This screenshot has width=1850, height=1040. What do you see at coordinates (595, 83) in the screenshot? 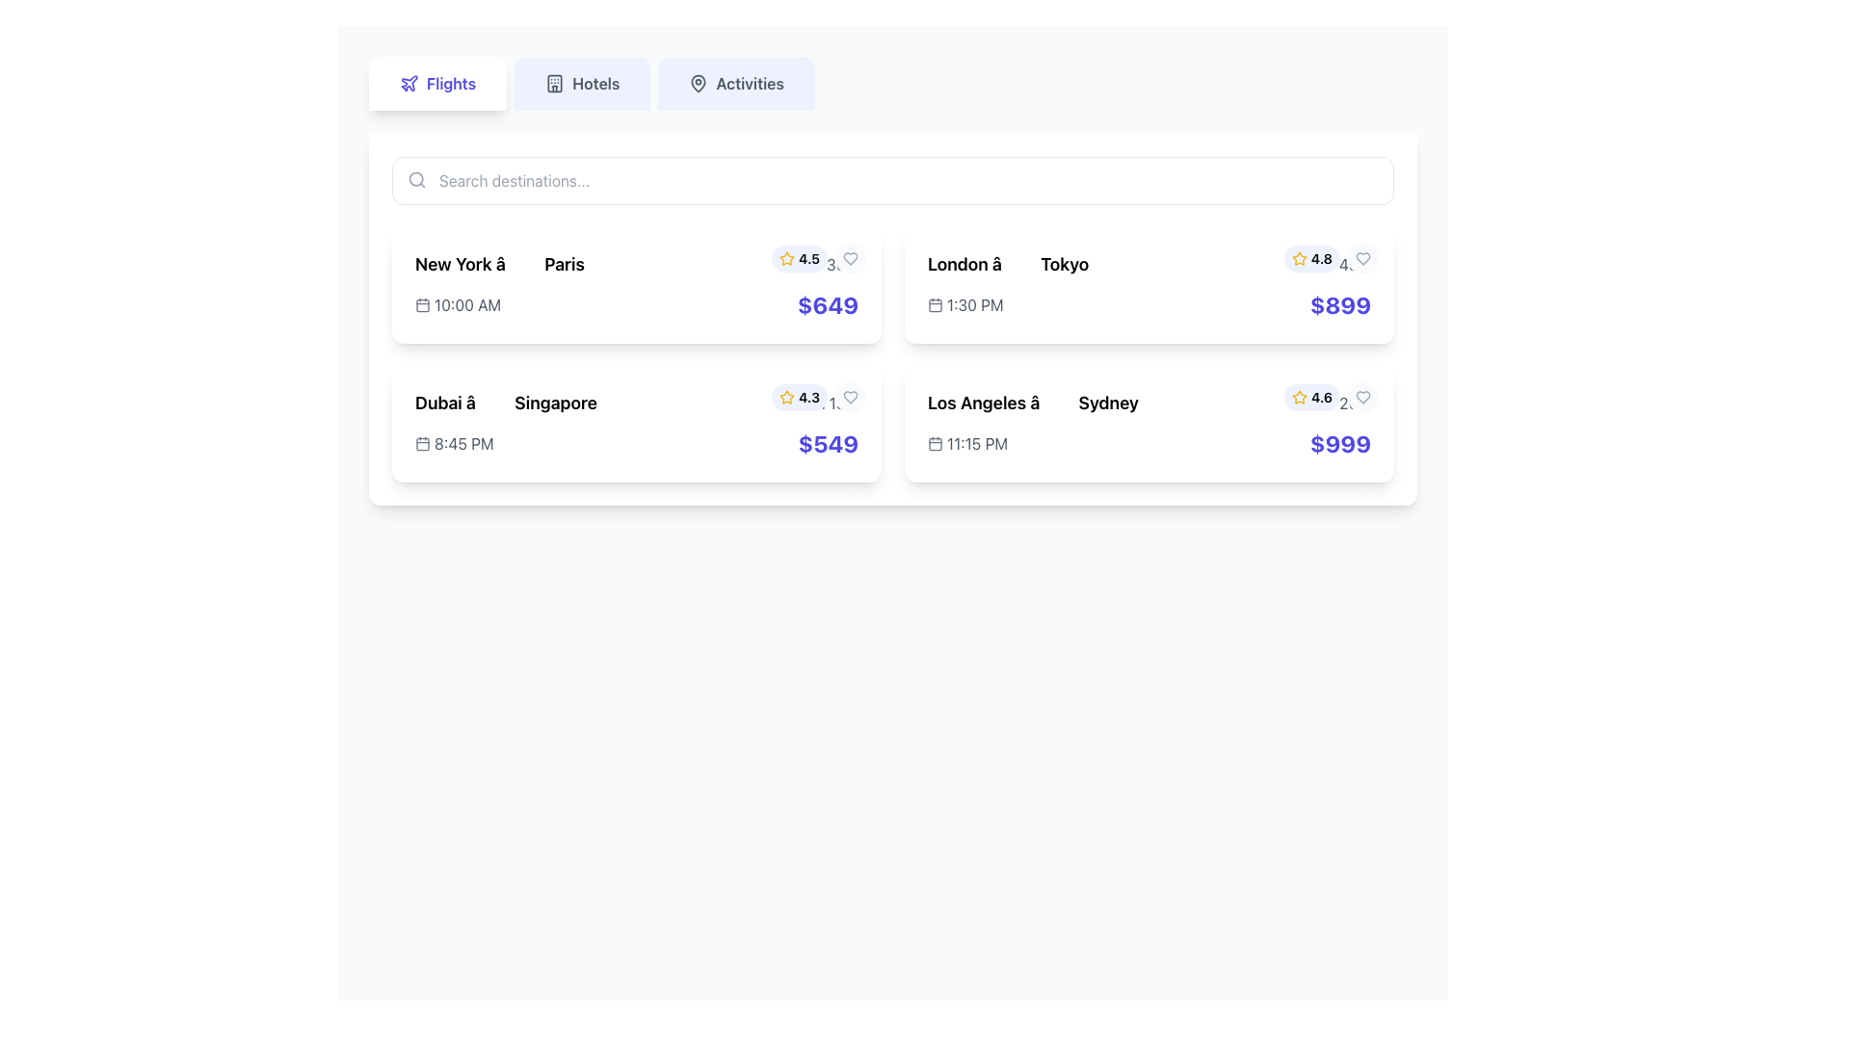
I see `text label 'Hotels' which is styled with a bold typeface and is part of the navigation menu` at bounding box center [595, 83].